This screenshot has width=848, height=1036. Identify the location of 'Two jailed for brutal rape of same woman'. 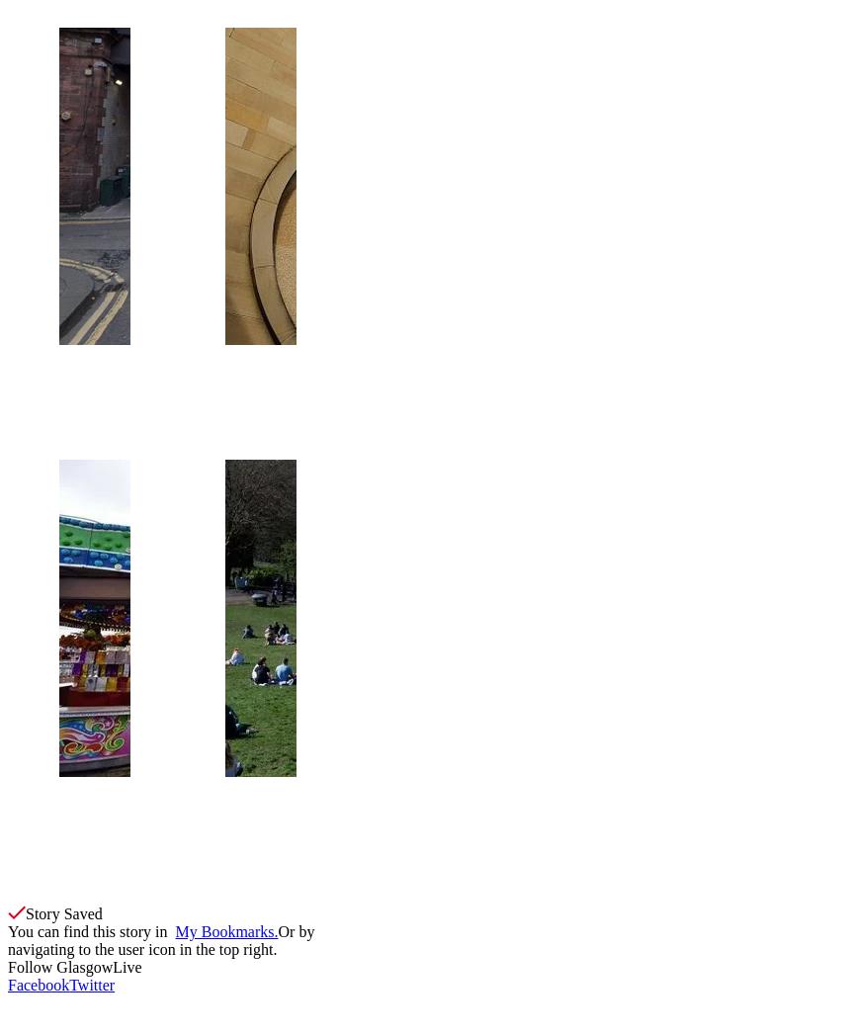
(258, 396).